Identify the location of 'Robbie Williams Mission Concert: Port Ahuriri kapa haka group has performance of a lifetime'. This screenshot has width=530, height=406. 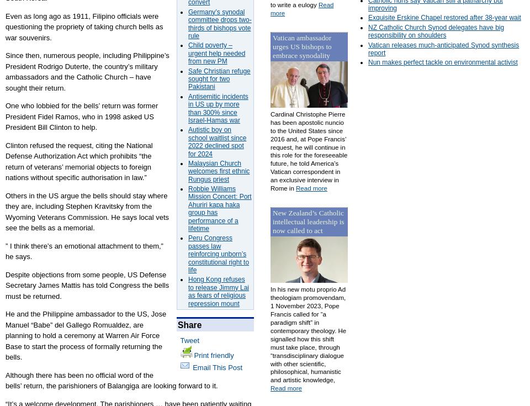
(219, 209).